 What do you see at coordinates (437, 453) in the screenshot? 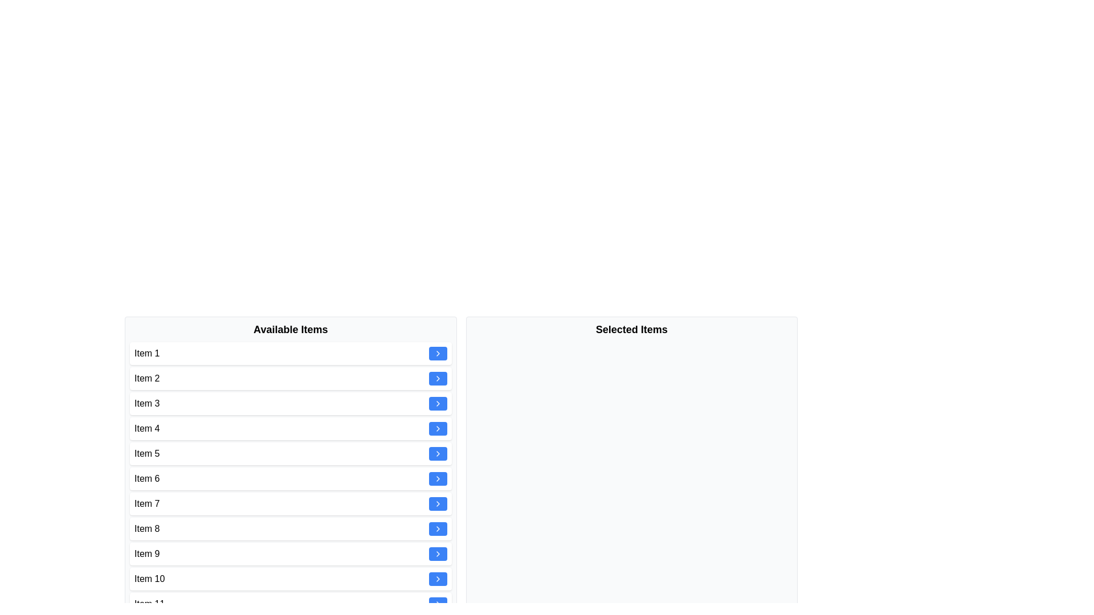
I see `the right-pointing chevron icon within the blue rounded rectangular button for 'Item 10'` at bounding box center [437, 453].